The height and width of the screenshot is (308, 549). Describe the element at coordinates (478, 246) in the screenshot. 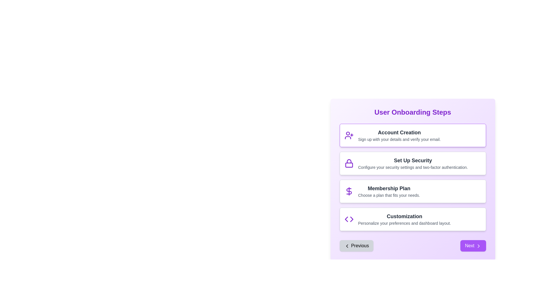

I see `the right-pointing chevron-shaped arrow icon, which is styled with an outline and minimalistic design, located to the right of the 'Next' button in the user onboarding interface` at that location.